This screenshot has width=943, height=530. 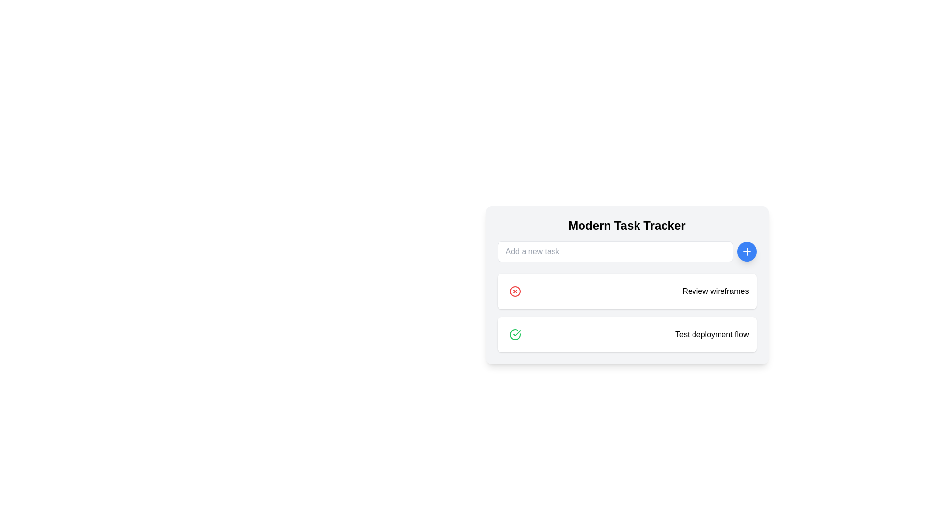 I want to click on displayed text from the static label on the second task card in the 'Modern Task Tracker' interface, located to the right of the red circular 'X' deletion icon, so click(x=715, y=291).